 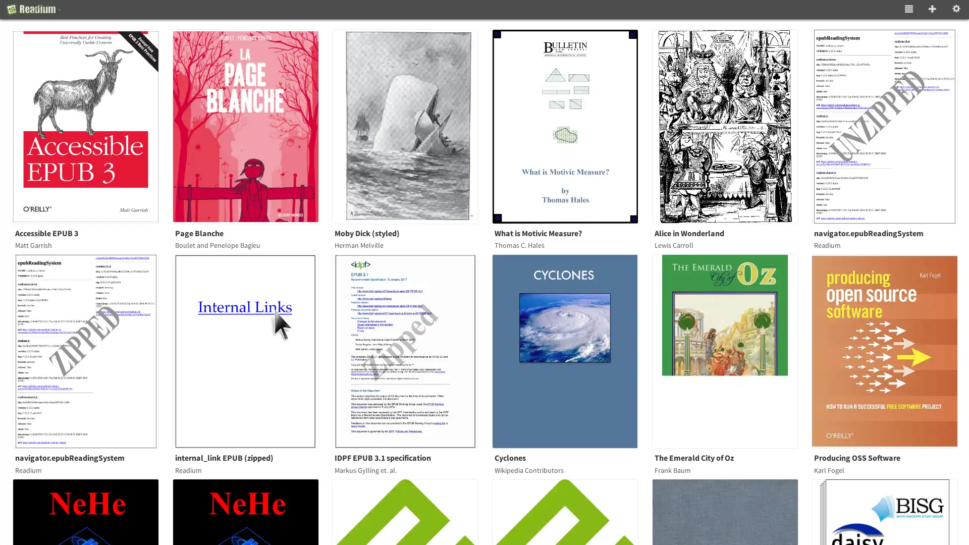 I want to click on (1) Accessible EPUB 3, so click(x=92, y=126).